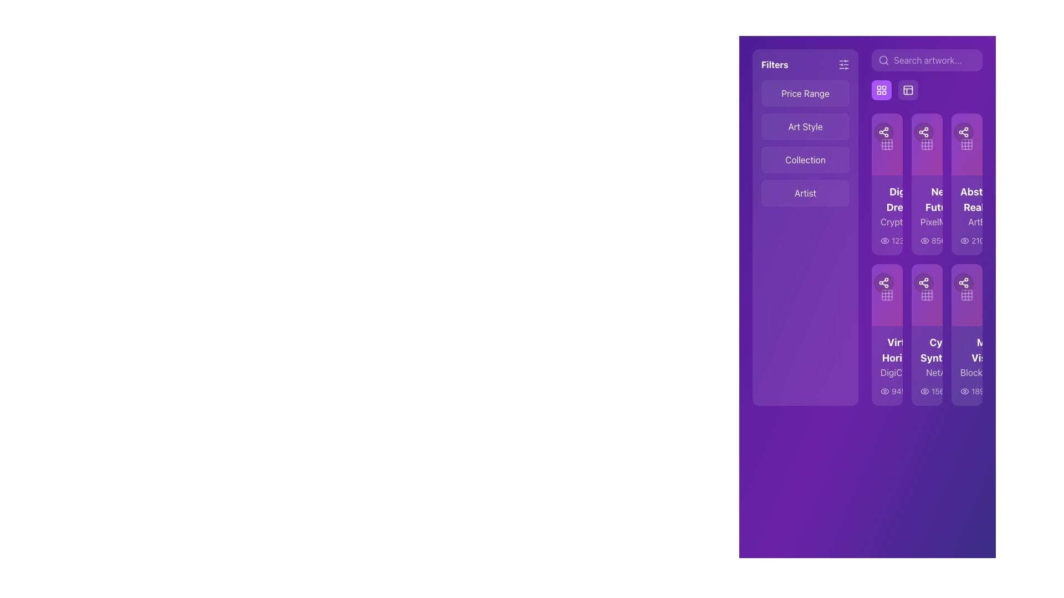 This screenshot has height=598, width=1064. I want to click on numerical value displayed to the left of the heart-shaped icon with the text '89' in the lower section of the card-like layout, so click(919, 240).